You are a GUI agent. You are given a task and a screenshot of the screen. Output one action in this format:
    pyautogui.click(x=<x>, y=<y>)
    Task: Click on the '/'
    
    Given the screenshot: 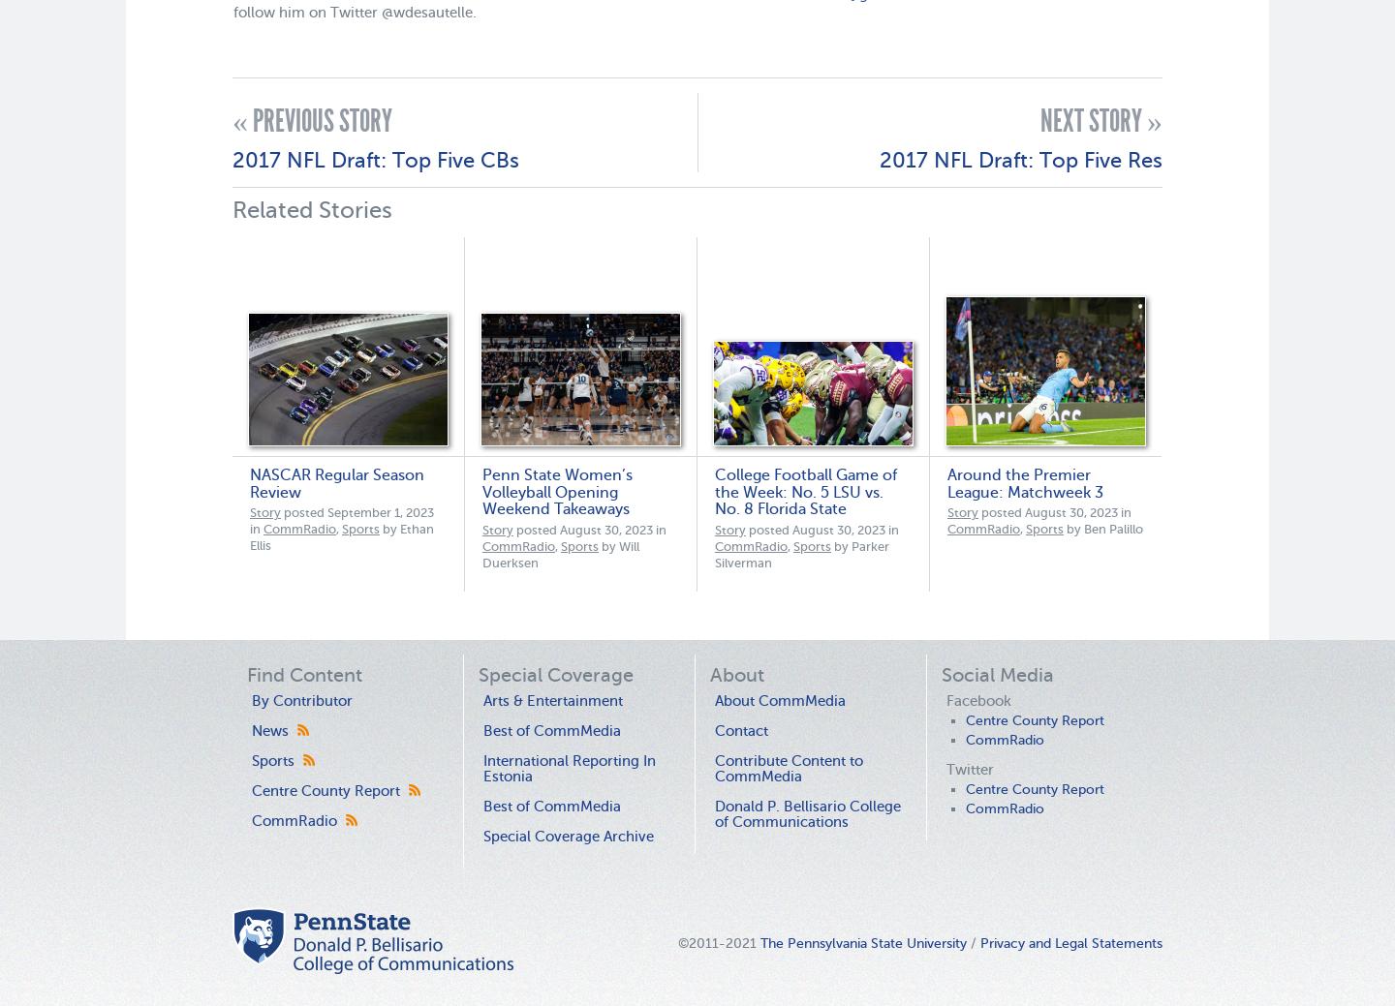 What is the action you would take?
    pyautogui.click(x=972, y=943)
    